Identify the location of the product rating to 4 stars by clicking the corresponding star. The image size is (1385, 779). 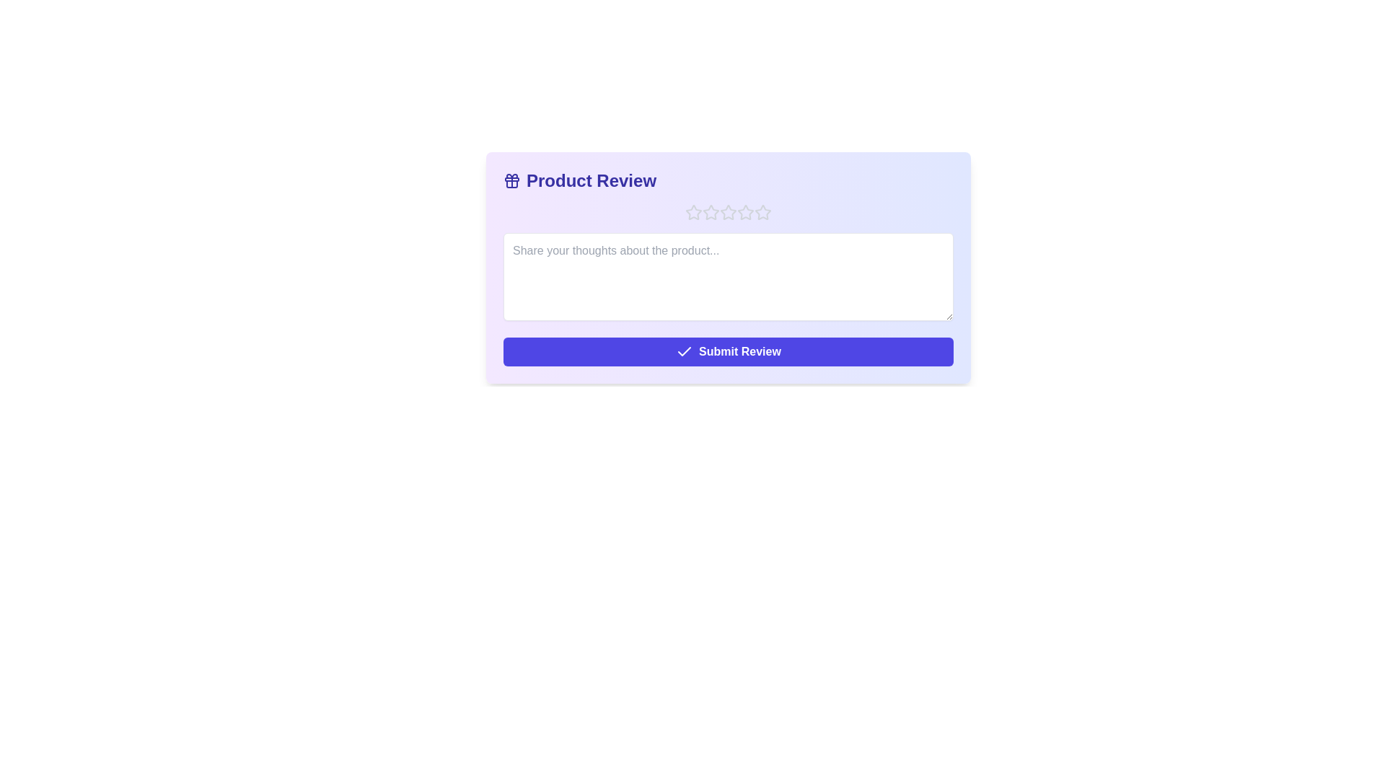
(745, 212).